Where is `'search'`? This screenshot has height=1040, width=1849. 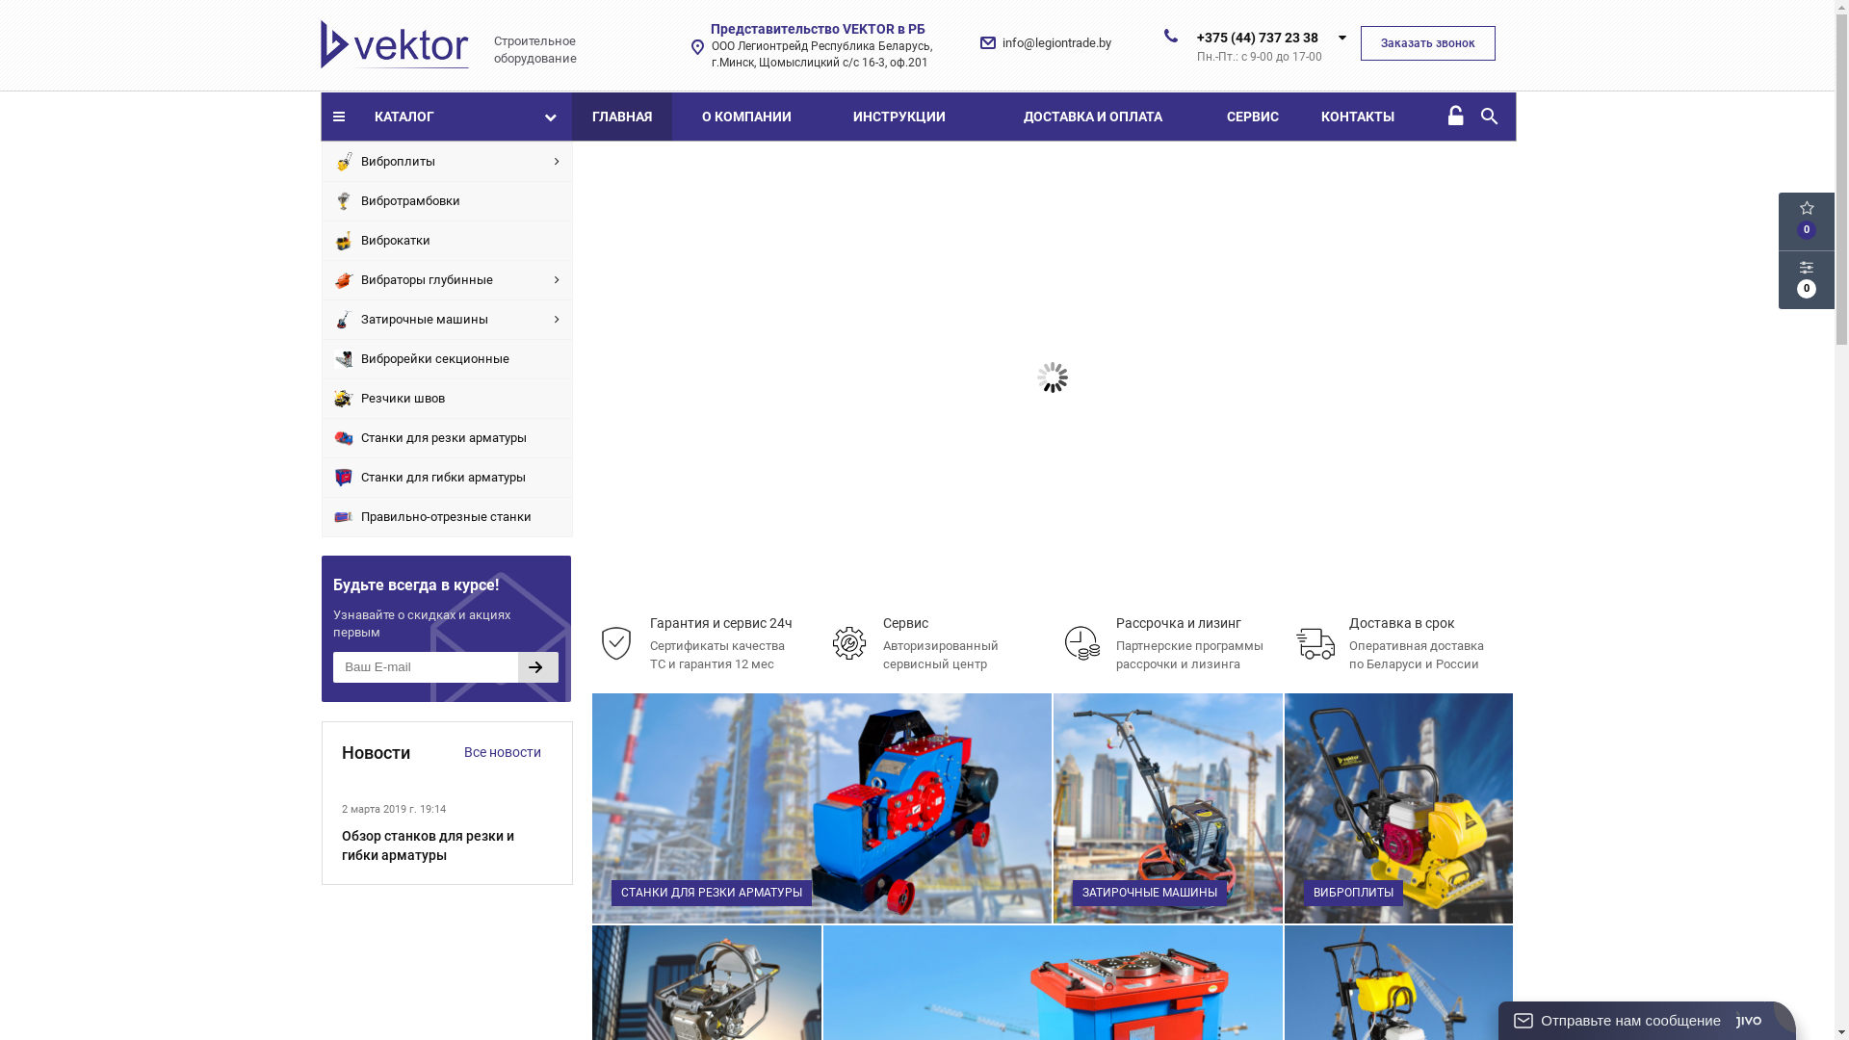
'search' is located at coordinates (1476, 116).